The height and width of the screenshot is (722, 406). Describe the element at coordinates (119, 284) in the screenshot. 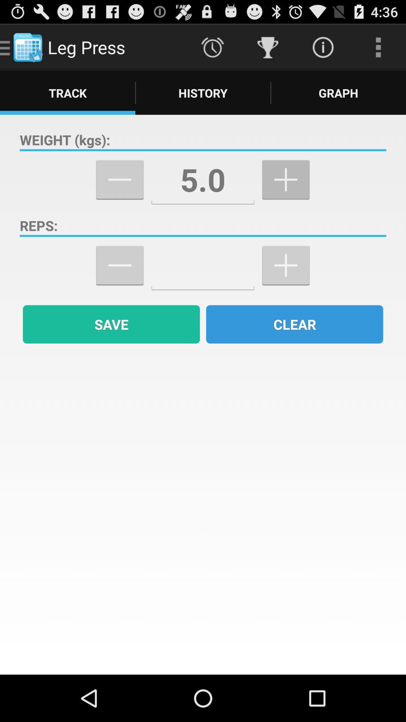

I see `the minus icon` at that location.